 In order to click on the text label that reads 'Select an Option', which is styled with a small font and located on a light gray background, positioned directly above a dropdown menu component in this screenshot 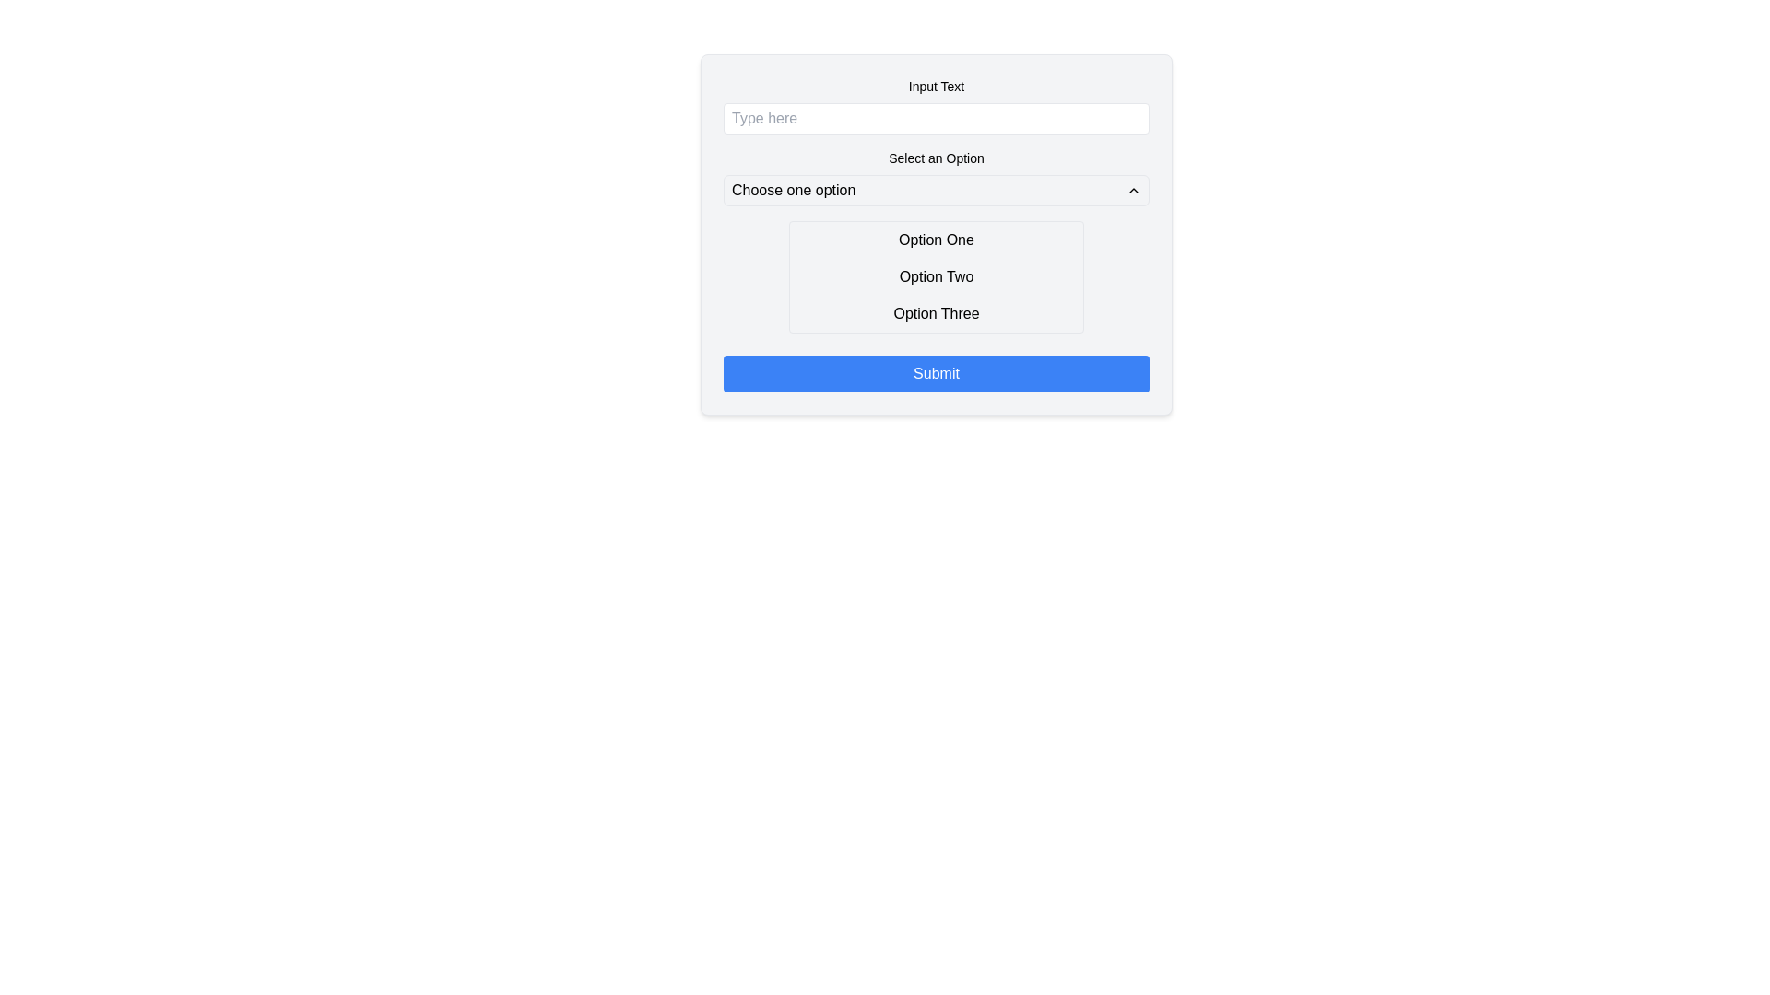, I will do `click(937, 158)`.